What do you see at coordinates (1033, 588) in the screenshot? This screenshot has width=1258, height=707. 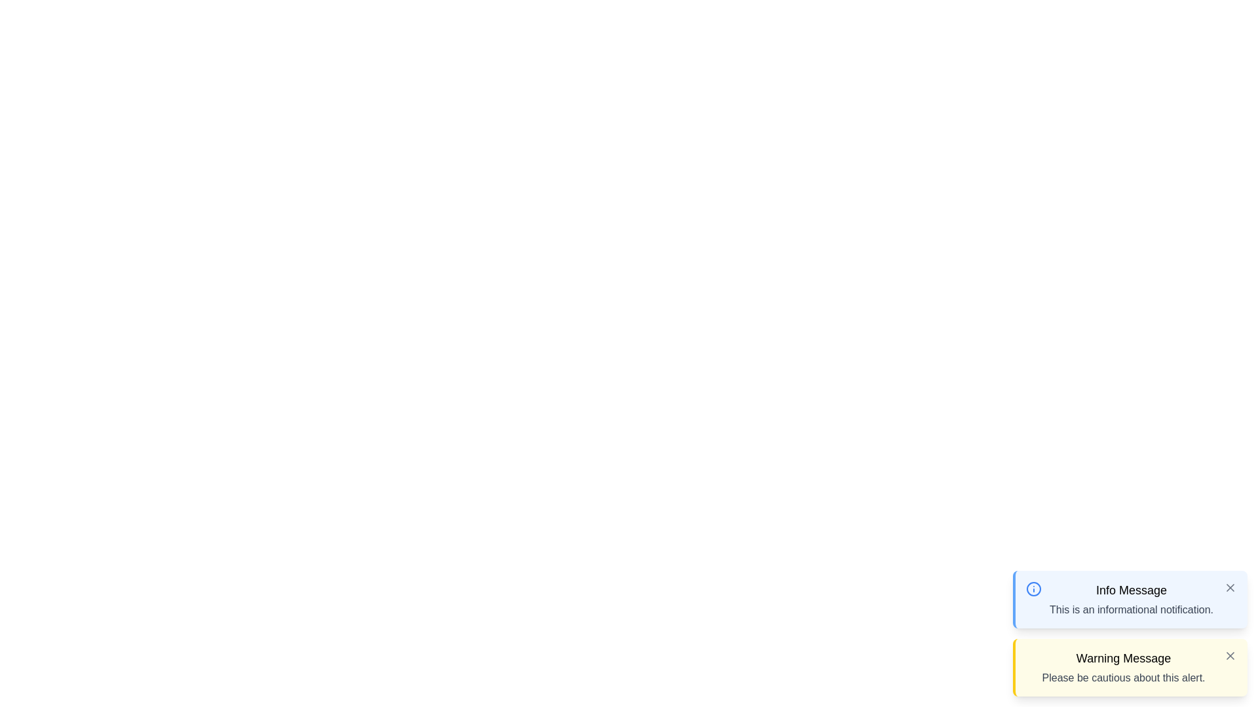 I see `the informational icon located to the left of the 'Info Message' text in the upper notification area of the interface` at bounding box center [1033, 588].